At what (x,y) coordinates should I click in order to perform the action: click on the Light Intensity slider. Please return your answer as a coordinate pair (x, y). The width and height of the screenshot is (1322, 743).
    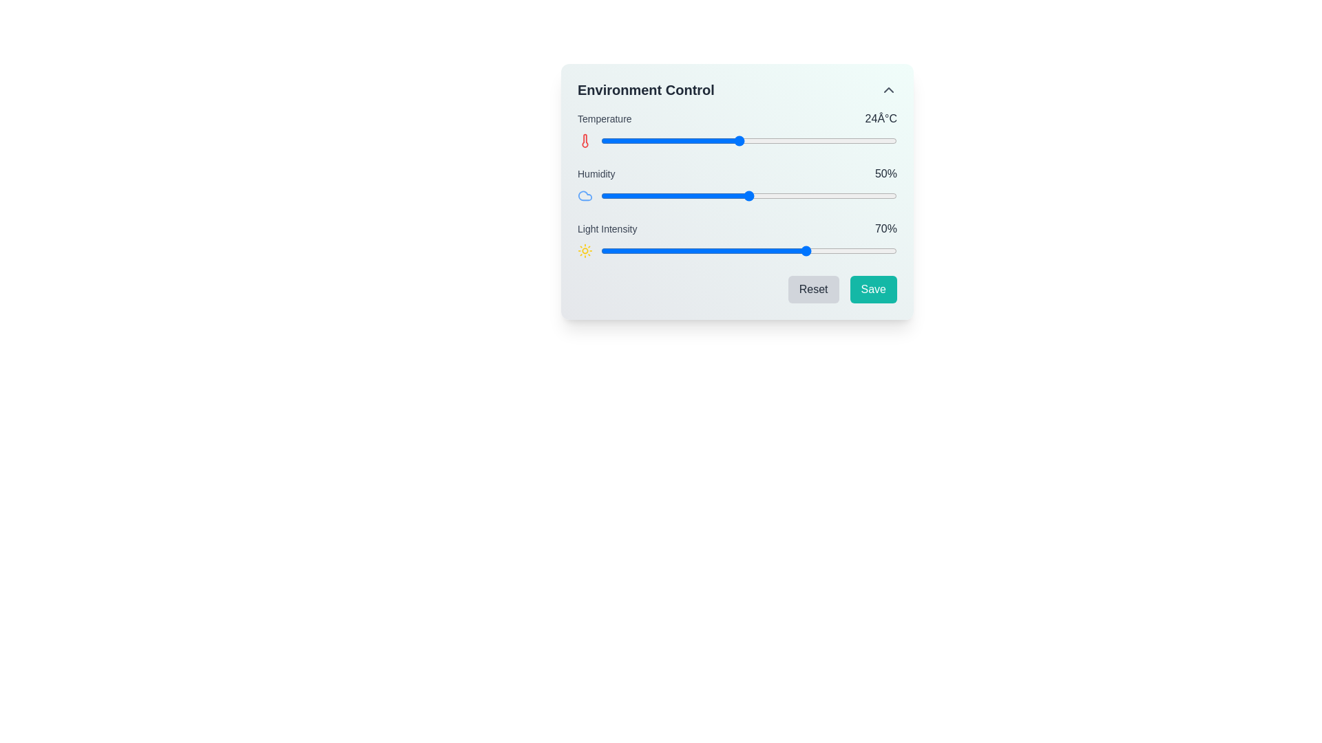
    Looking at the image, I should click on (793, 251).